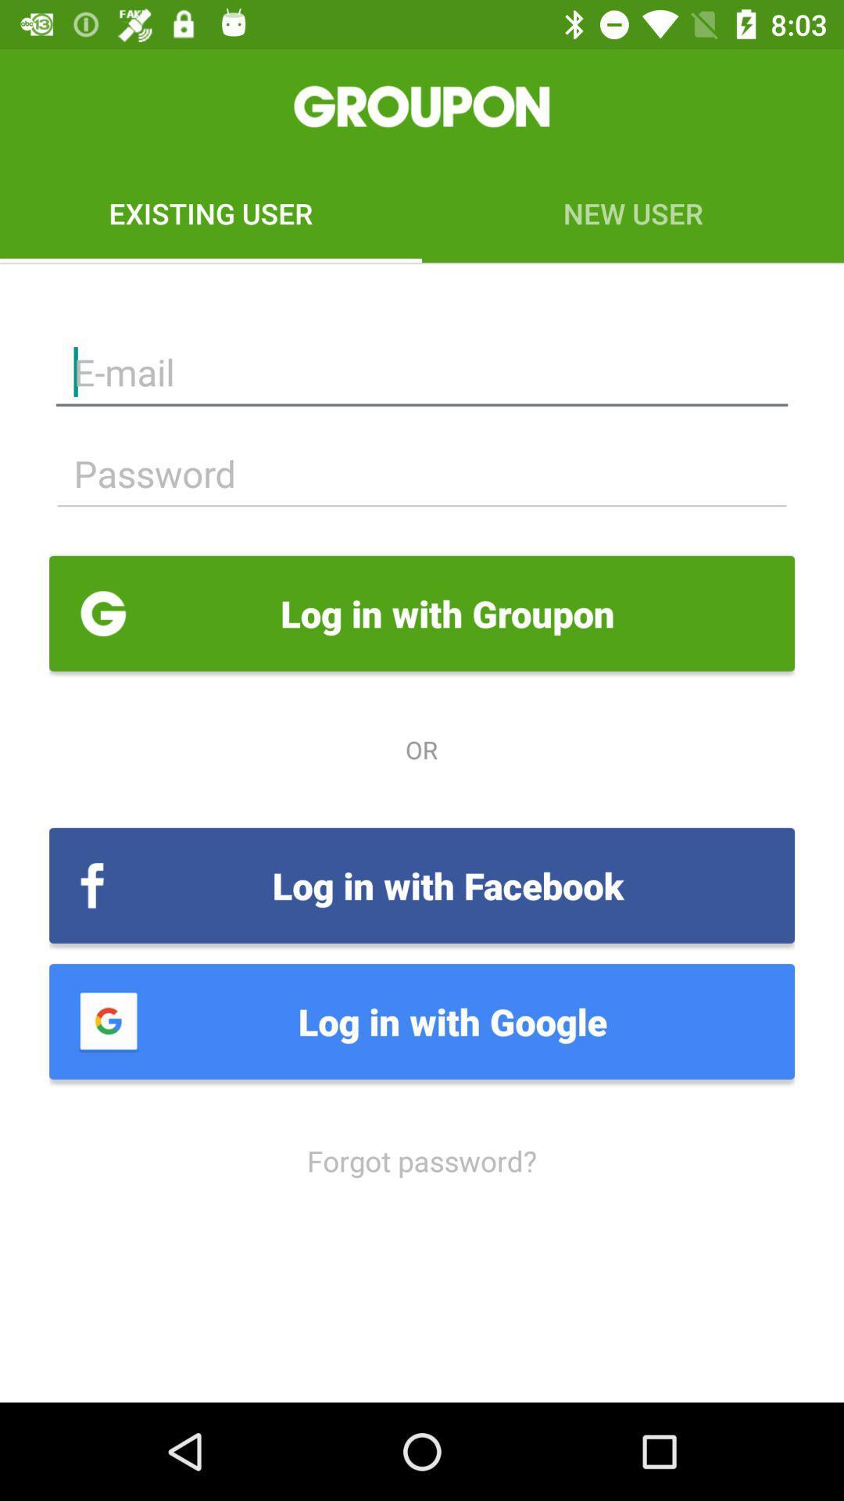  I want to click on app to the left of the new user app, so click(211, 213).